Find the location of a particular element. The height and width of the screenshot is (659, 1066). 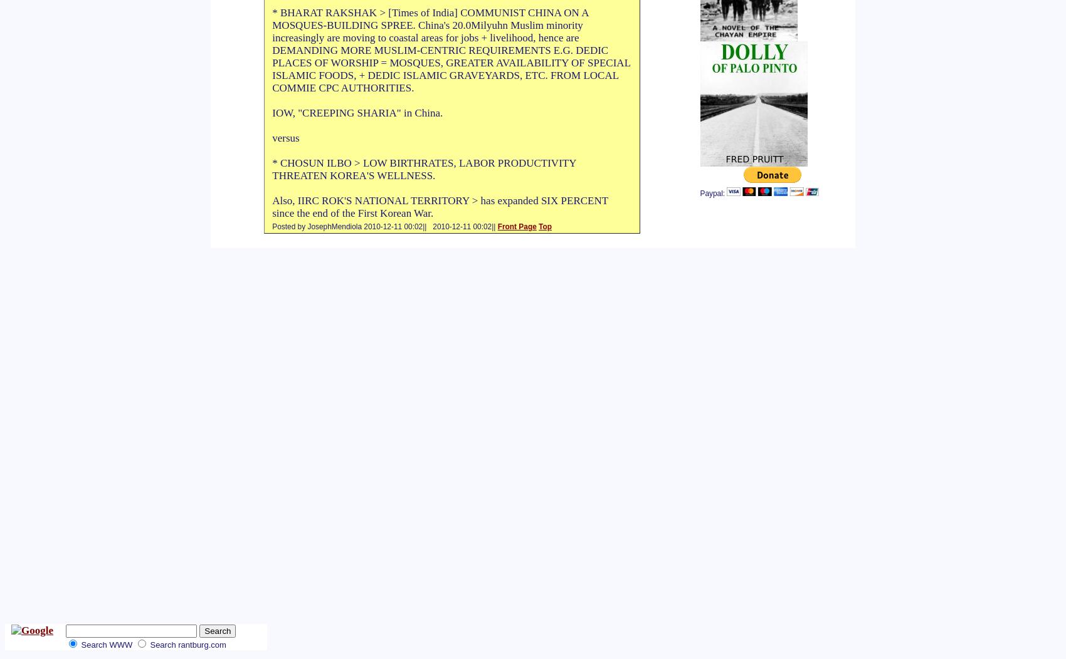

'2010-12-11 00:02||' is located at coordinates (462, 226).